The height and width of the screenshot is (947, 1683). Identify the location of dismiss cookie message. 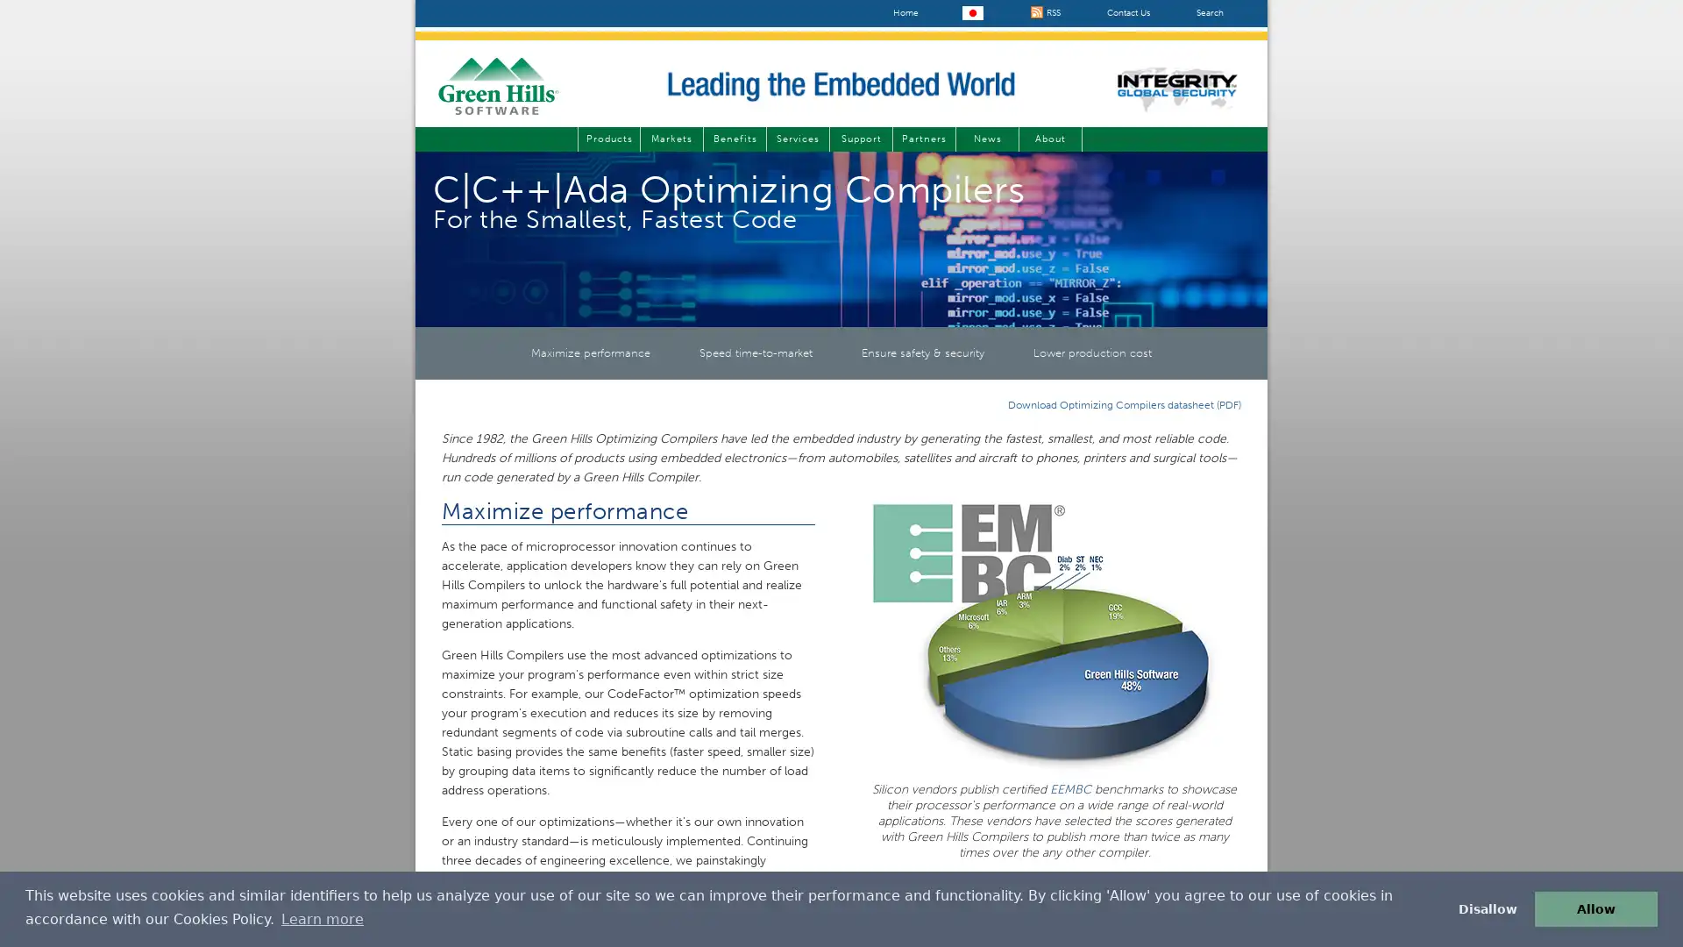
(1486, 908).